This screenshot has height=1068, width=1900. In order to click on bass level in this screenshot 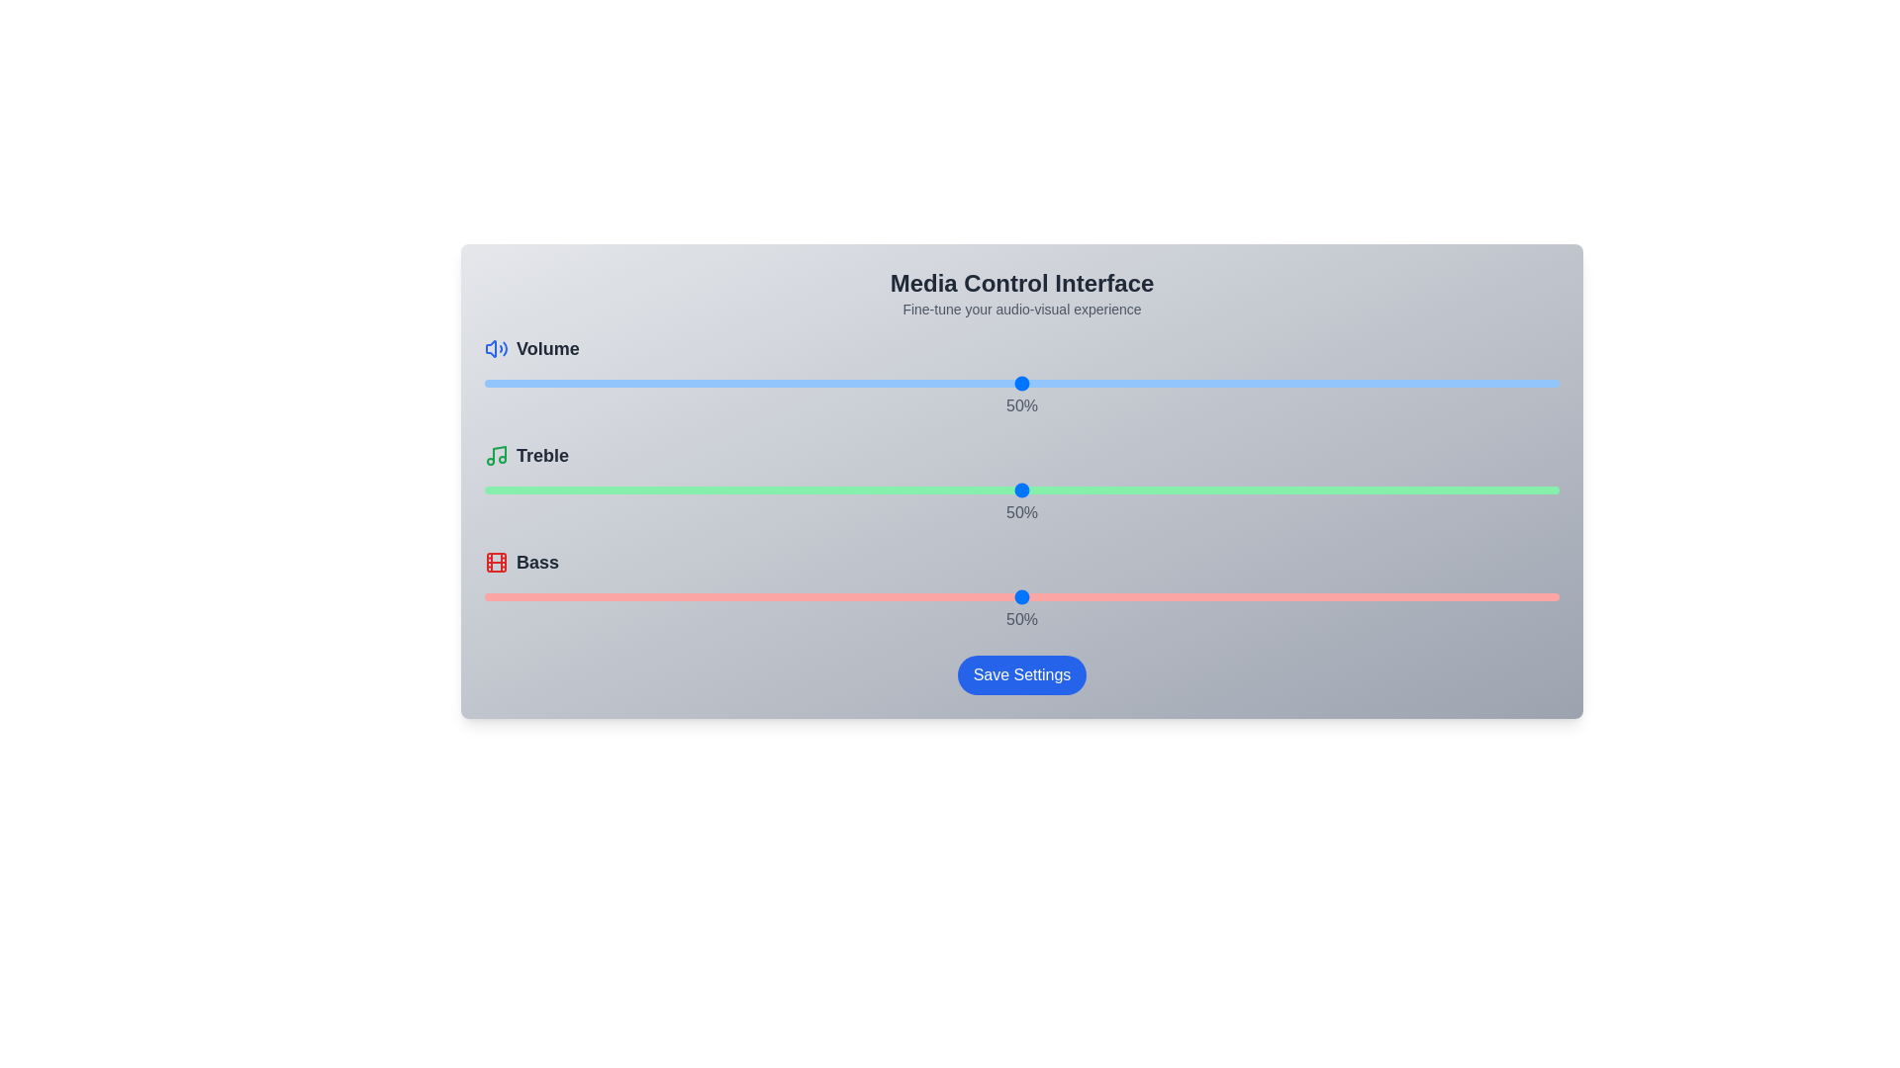, I will do `click(1526, 596)`.